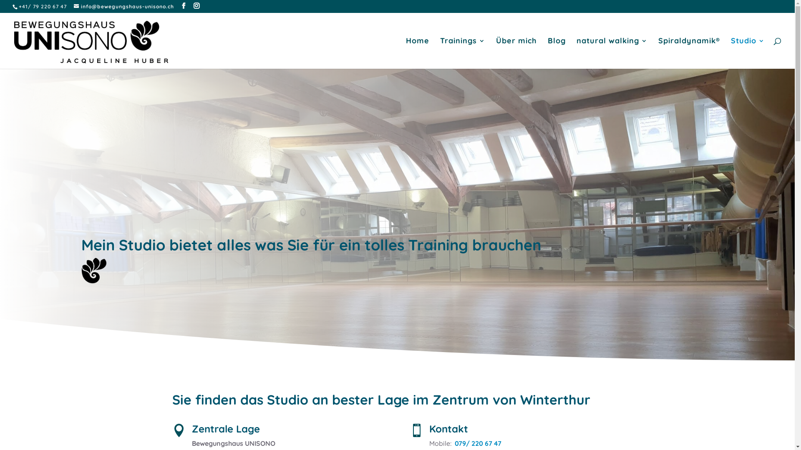  Describe the element at coordinates (406, 53) in the screenshot. I see `'Home'` at that location.